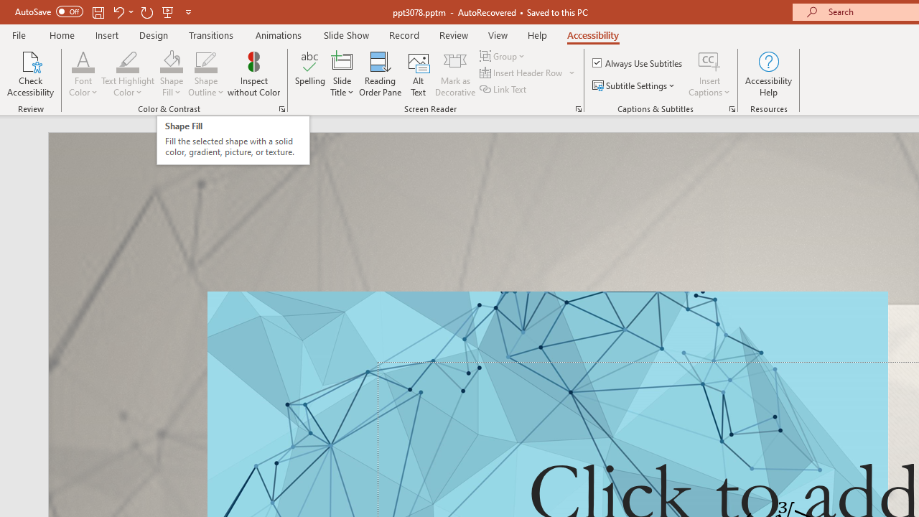  What do you see at coordinates (709, 74) in the screenshot?
I see `'Insert Captions'` at bounding box center [709, 74].